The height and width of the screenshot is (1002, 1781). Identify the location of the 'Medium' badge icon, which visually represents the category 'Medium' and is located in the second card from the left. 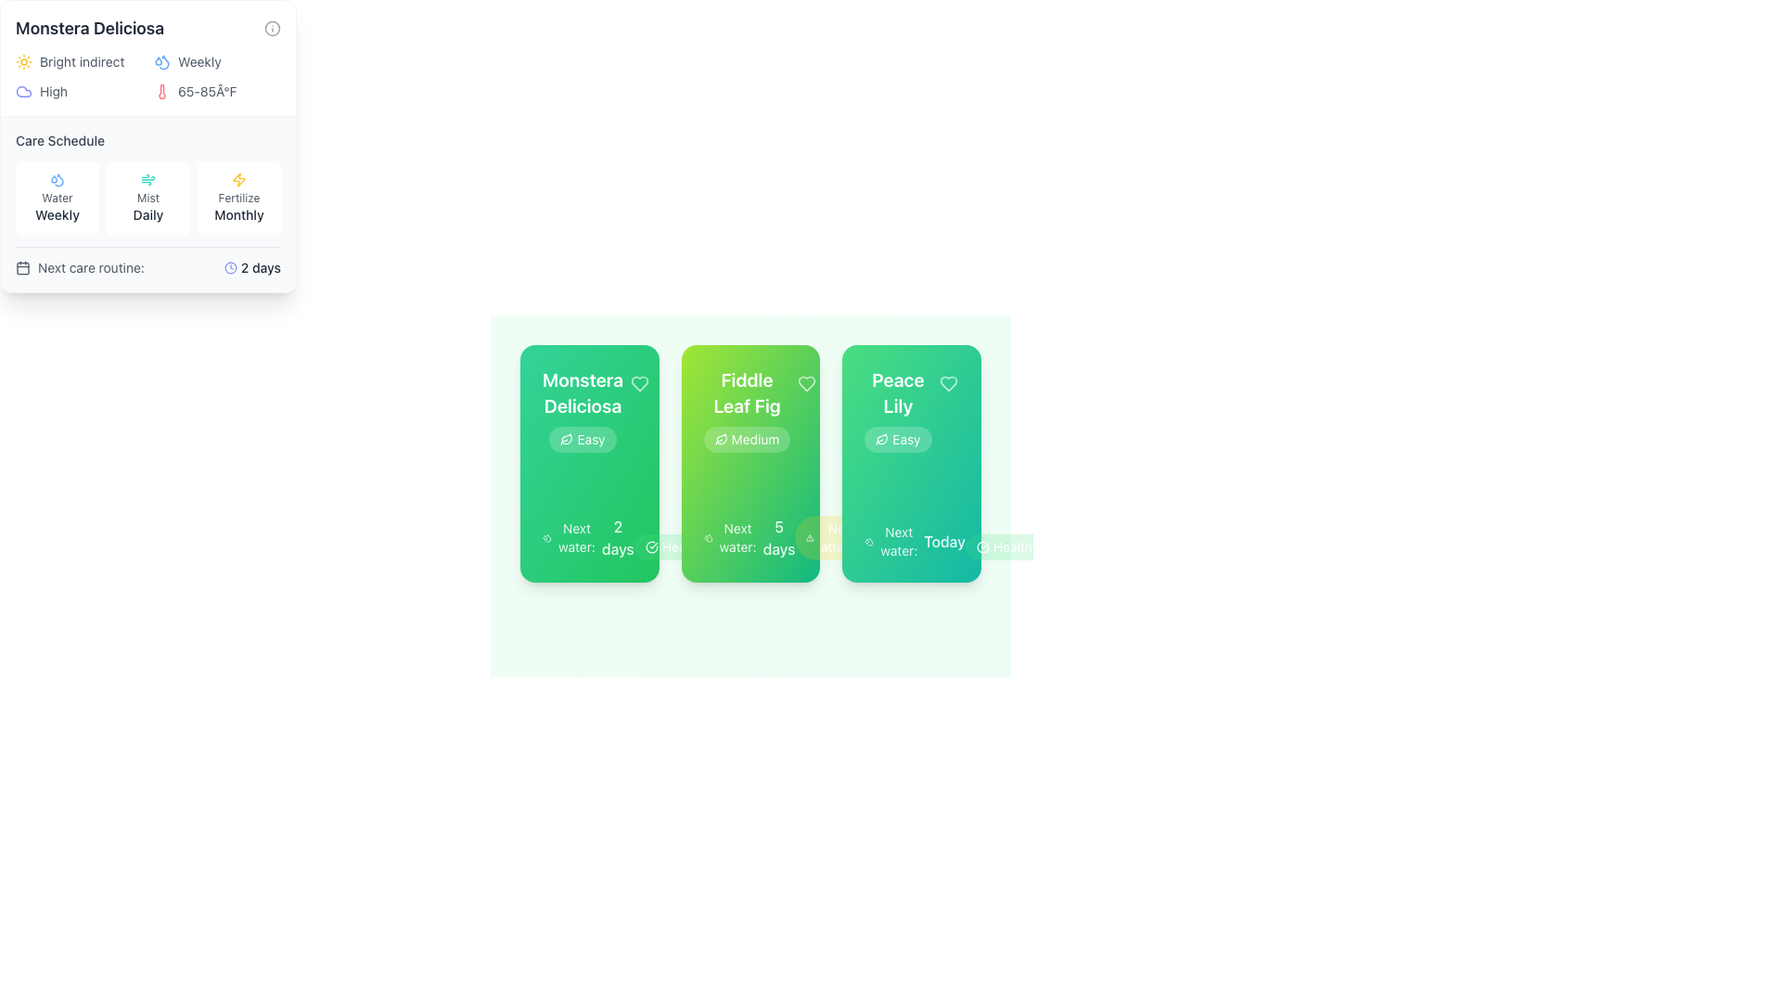
(720, 440).